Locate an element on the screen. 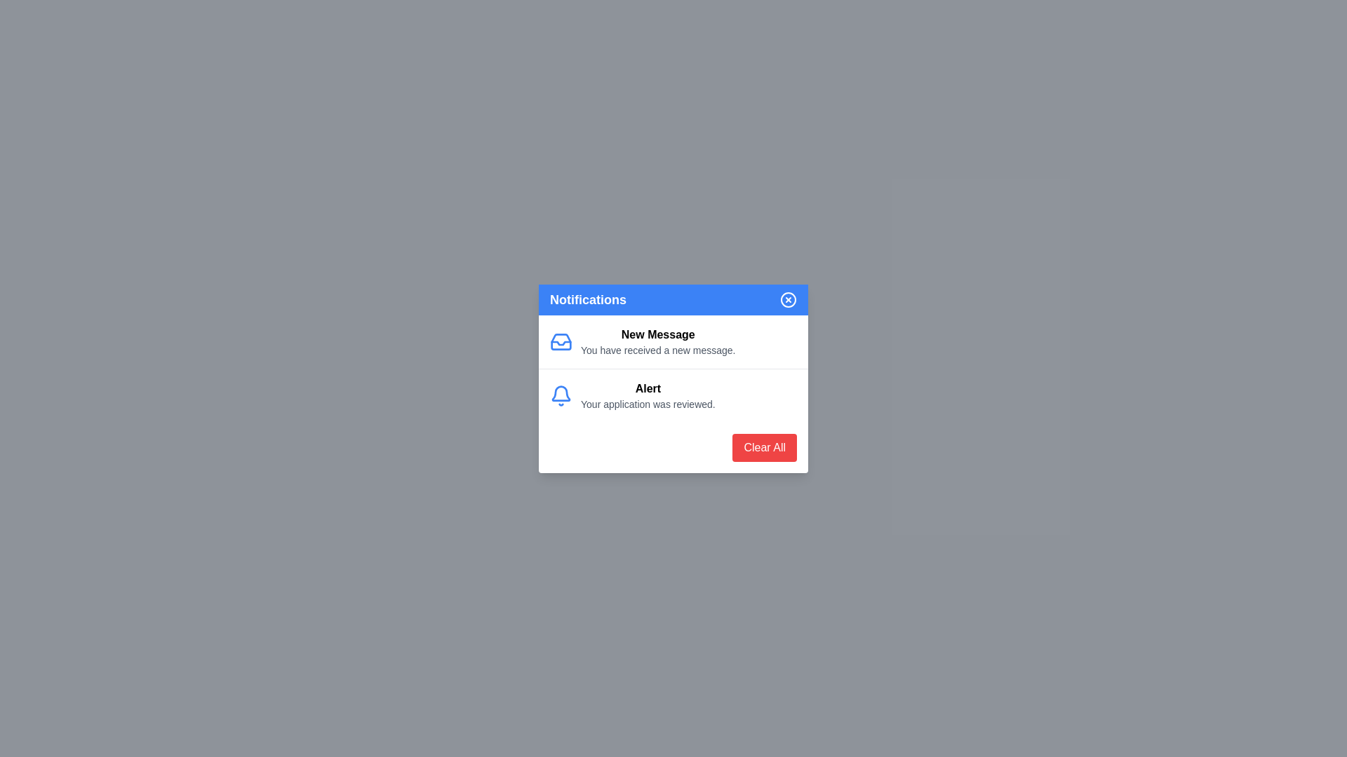 The height and width of the screenshot is (757, 1347). 'Clear All' button to clear all notifications is located at coordinates (763, 446).